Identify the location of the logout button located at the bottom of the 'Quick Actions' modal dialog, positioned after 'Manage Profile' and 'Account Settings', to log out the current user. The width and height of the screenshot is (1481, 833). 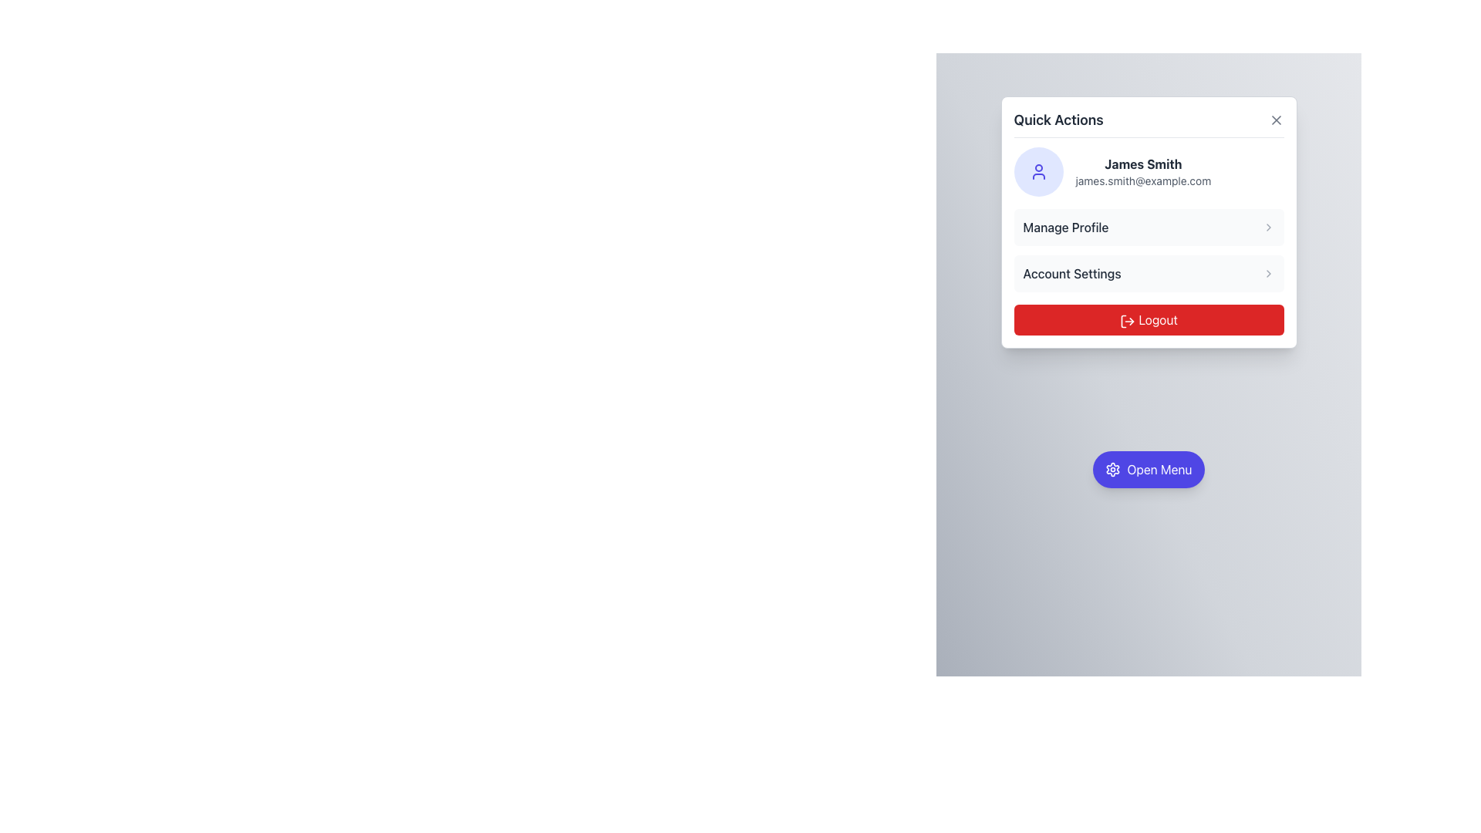
(1149, 319).